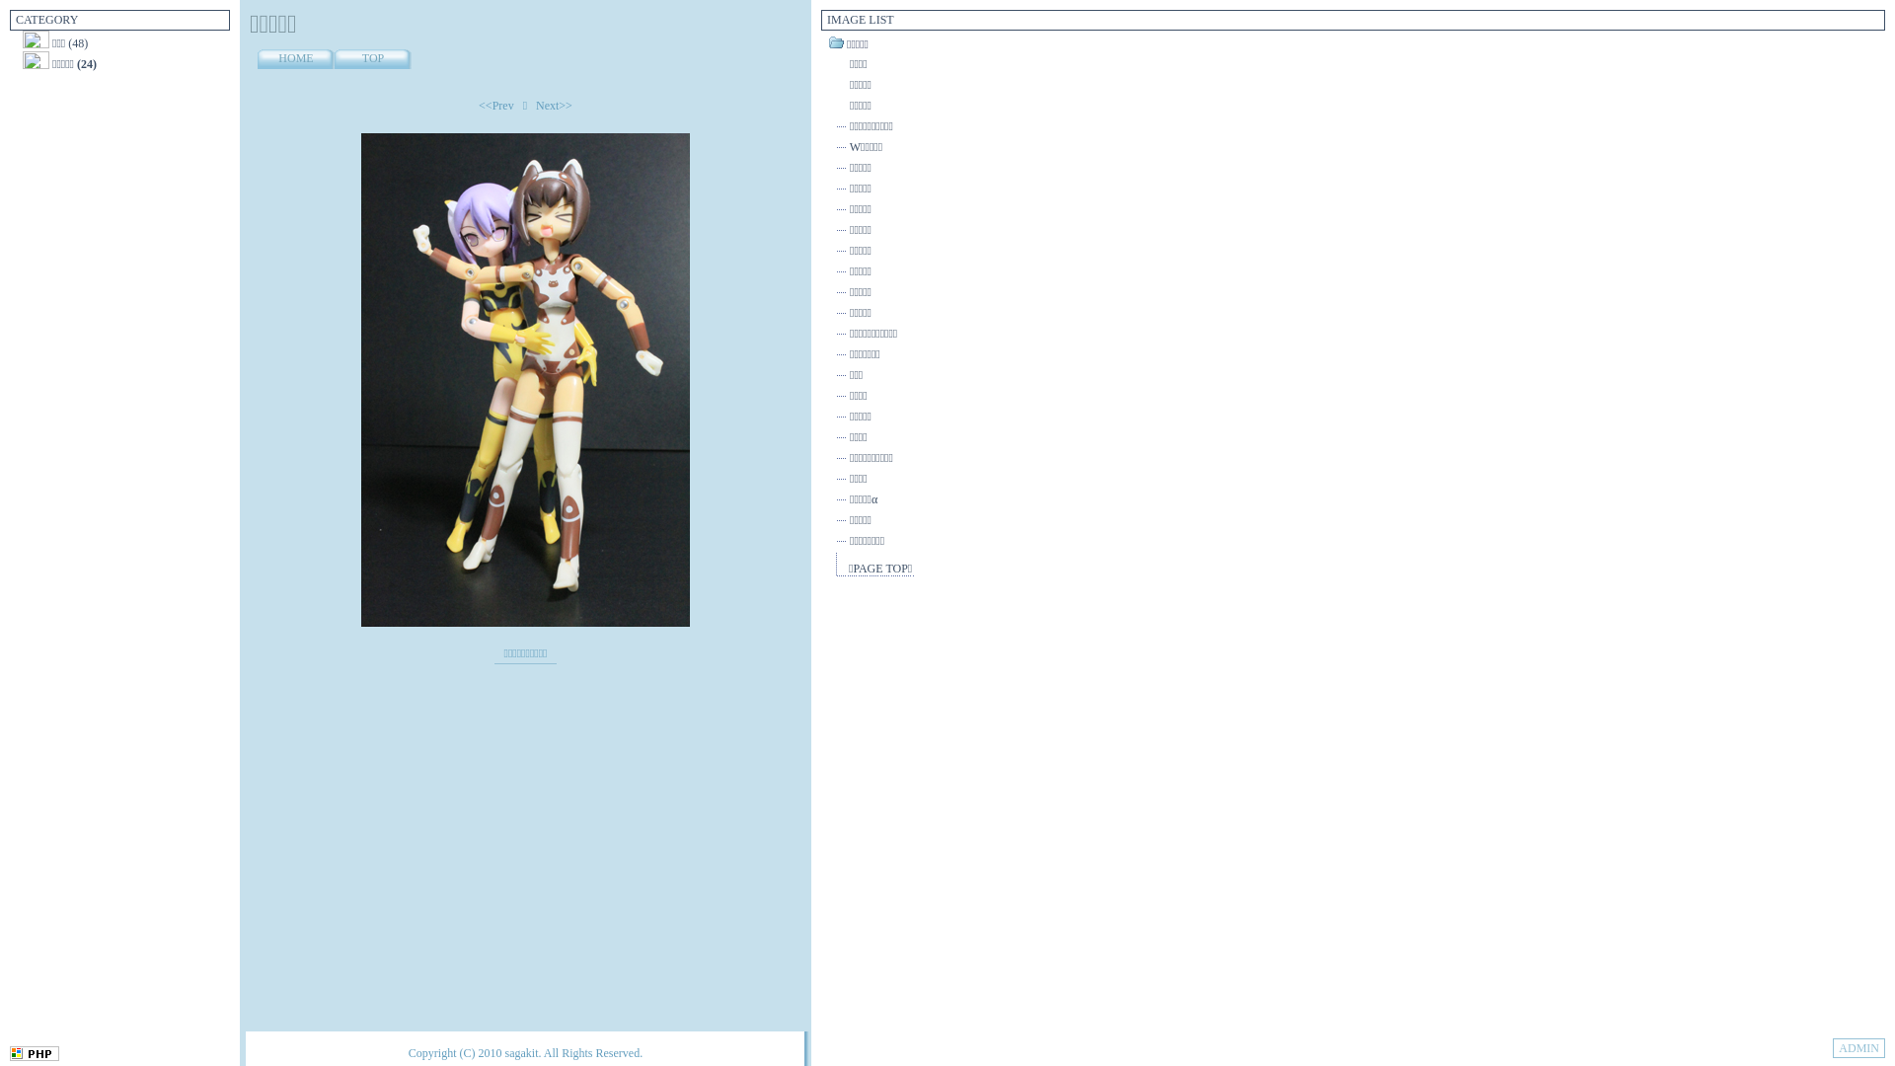  I want to click on 'Next>>', so click(553, 106).